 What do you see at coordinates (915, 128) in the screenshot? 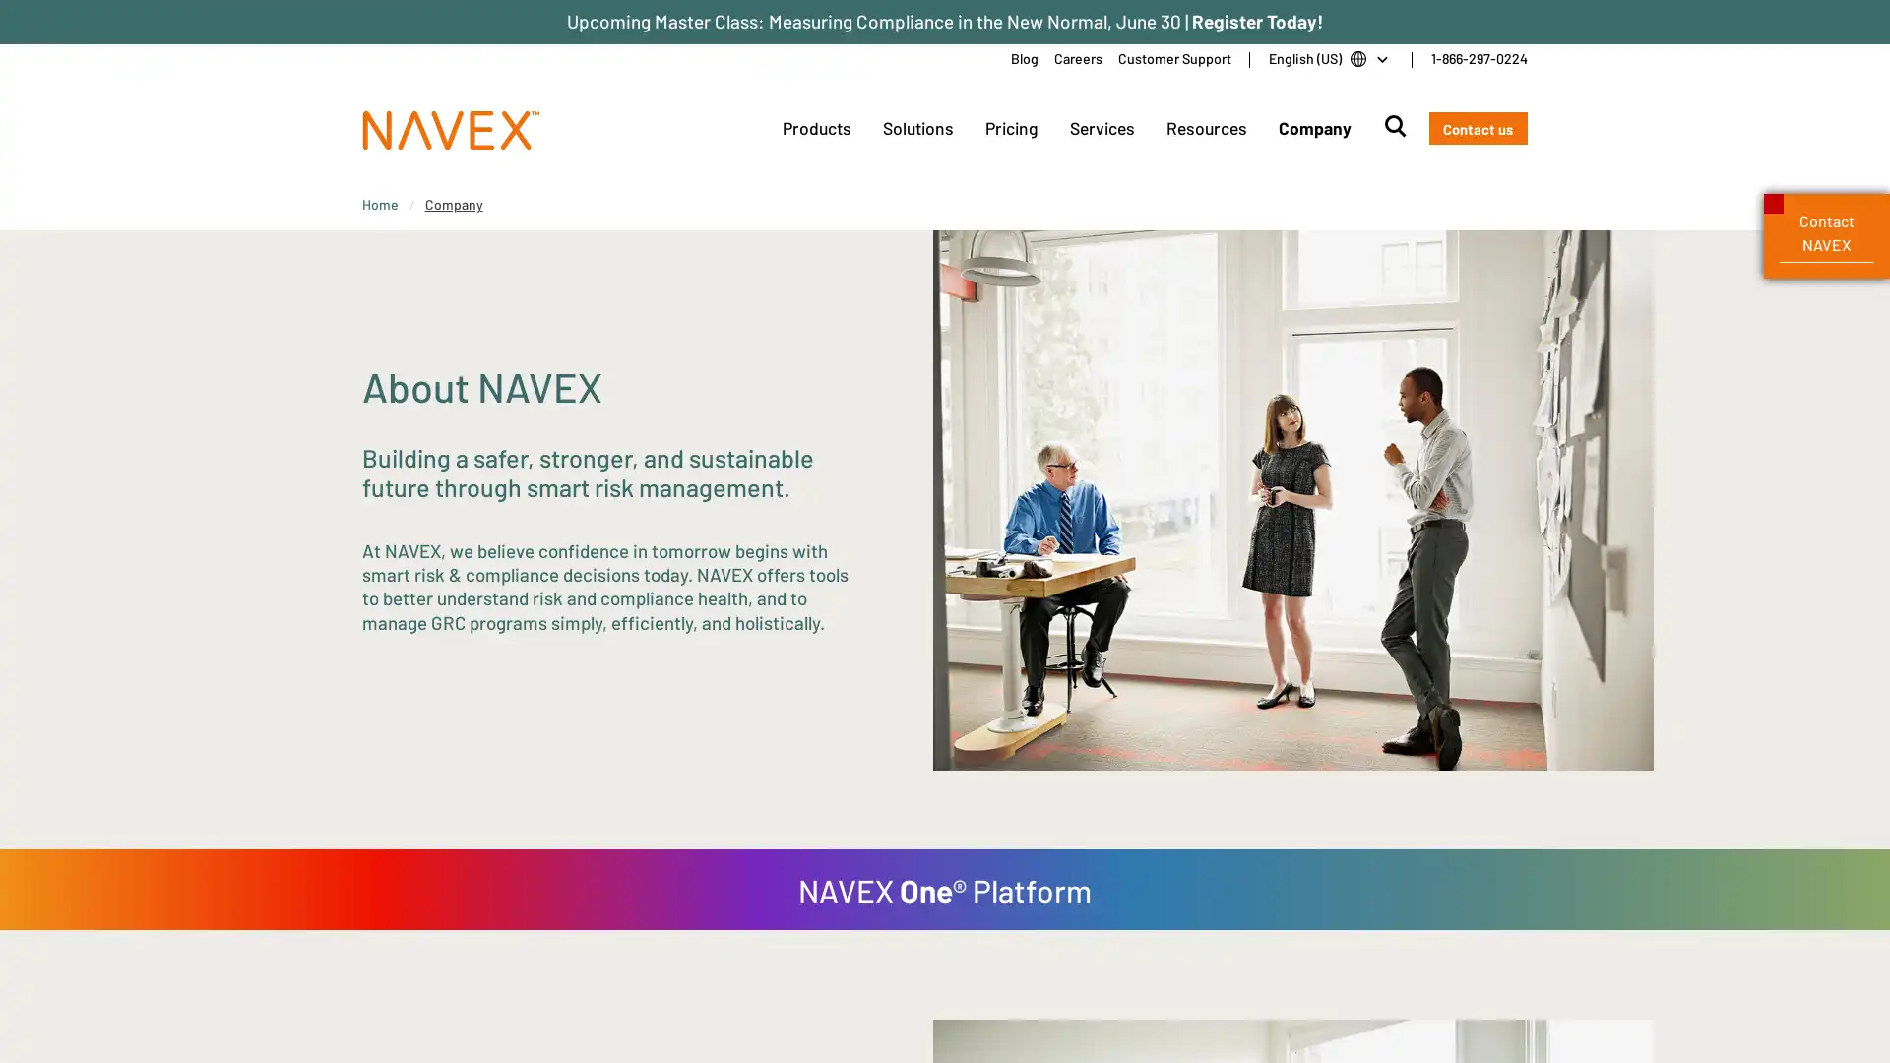
I see `Solutions` at bounding box center [915, 128].